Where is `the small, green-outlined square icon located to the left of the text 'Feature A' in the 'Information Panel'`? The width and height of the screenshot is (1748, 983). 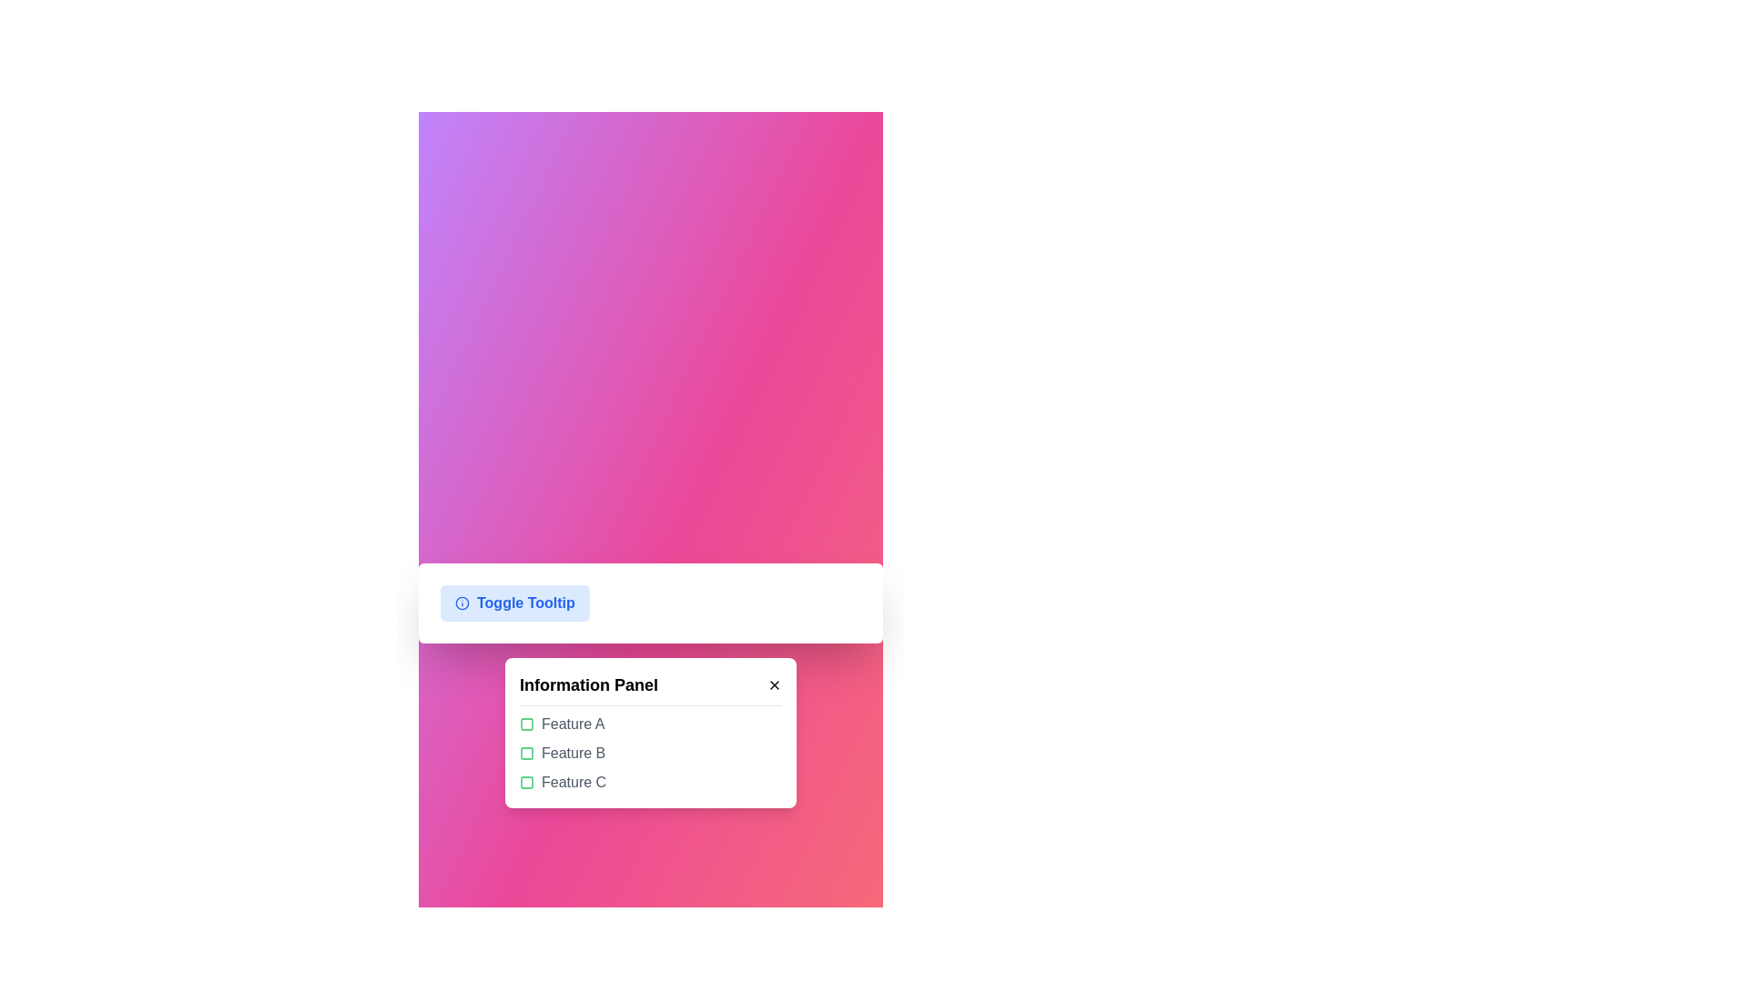
the small, green-outlined square icon located to the left of the text 'Feature A' in the 'Information Panel' is located at coordinates (526, 723).